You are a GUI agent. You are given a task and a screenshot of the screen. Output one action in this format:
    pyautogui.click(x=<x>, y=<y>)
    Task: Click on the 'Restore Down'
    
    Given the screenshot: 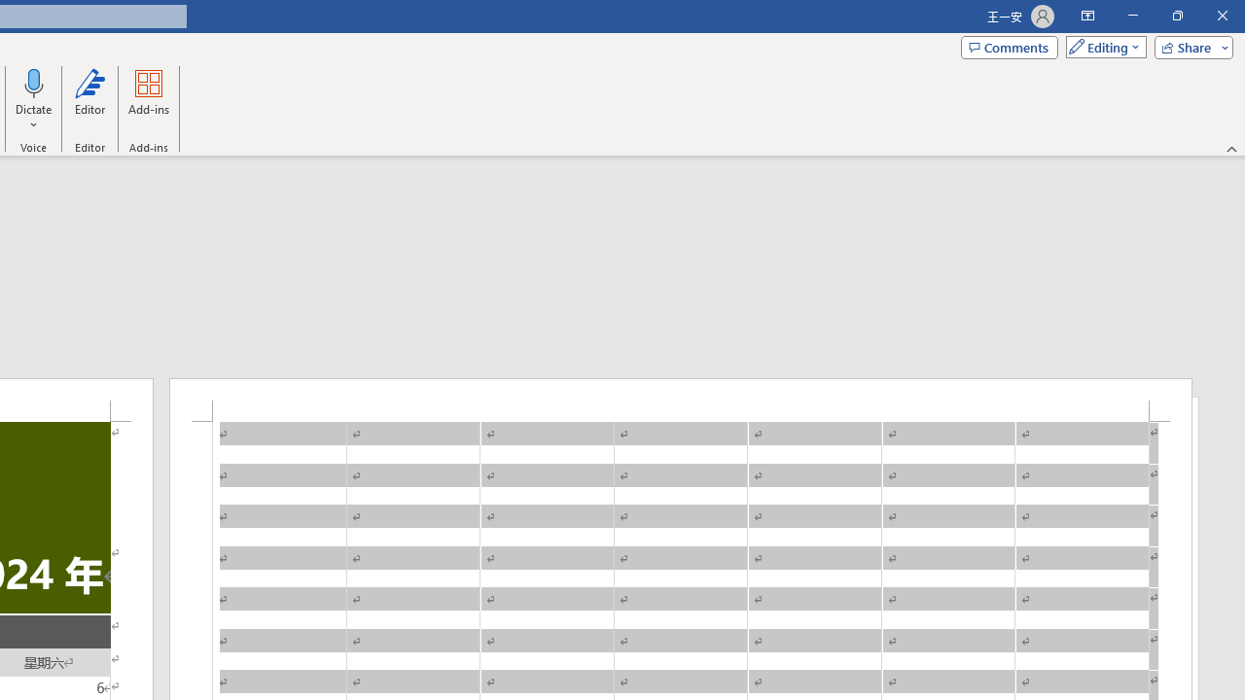 What is the action you would take?
    pyautogui.click(x=1176, y=16)
    